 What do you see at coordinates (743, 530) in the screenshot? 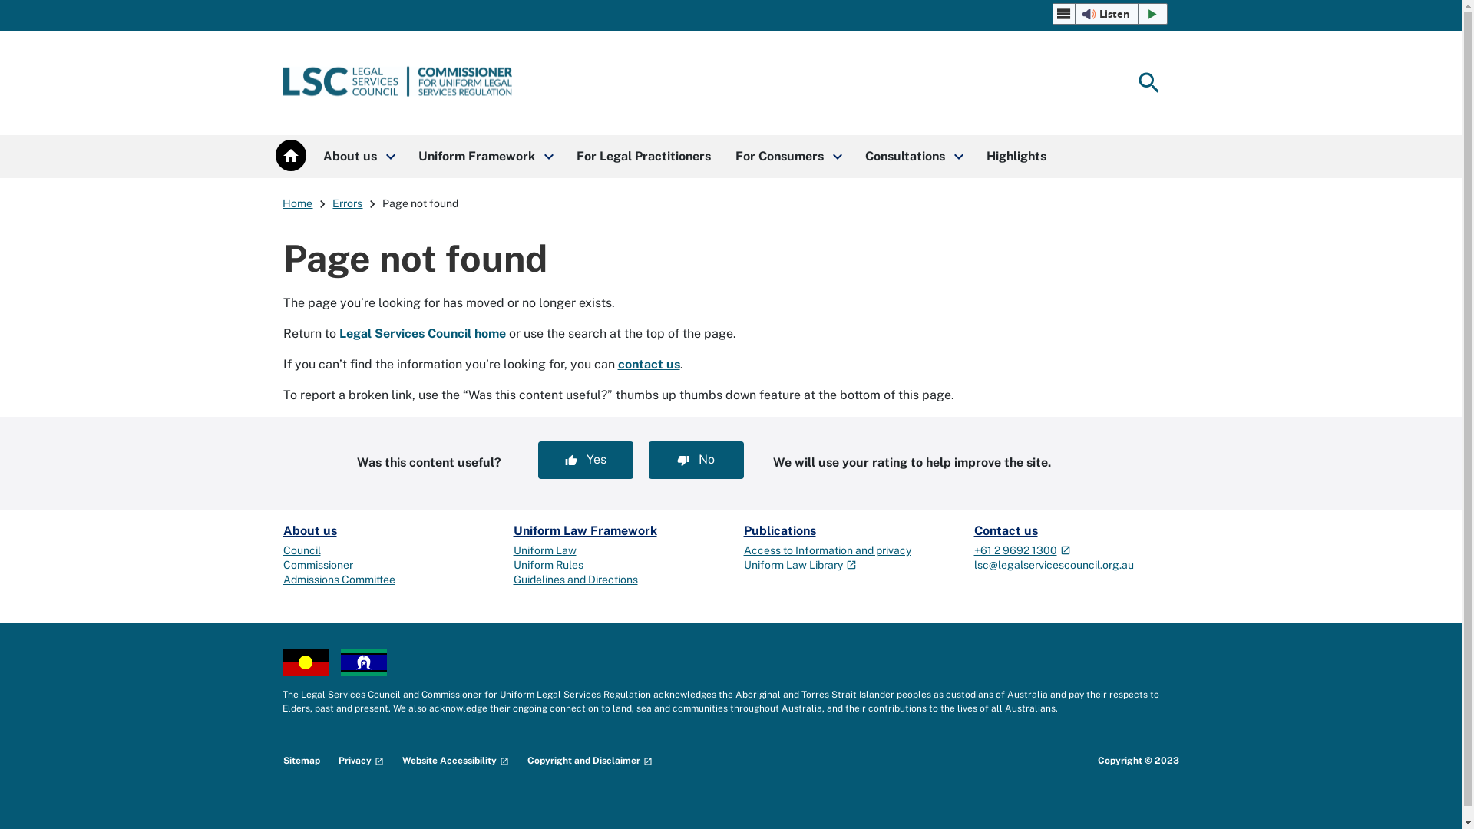
I see `'Publications'` at bounding box center [743, 530].